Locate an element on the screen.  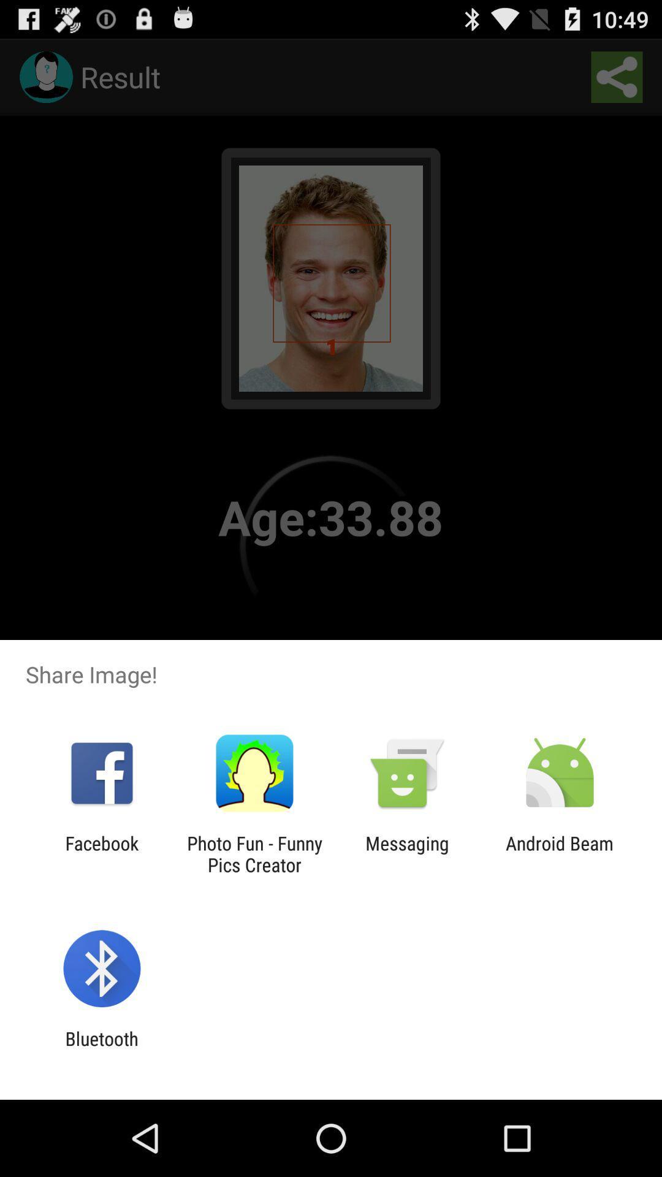
the app to the left of the messaging is located at coordinates (254, 853).